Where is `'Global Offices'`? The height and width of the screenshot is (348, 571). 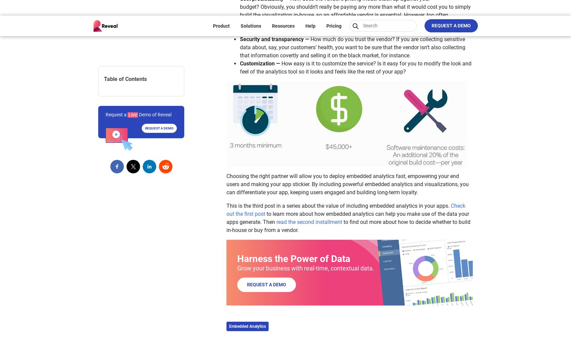
'Global Offices' is located at coordinates (169, 154).